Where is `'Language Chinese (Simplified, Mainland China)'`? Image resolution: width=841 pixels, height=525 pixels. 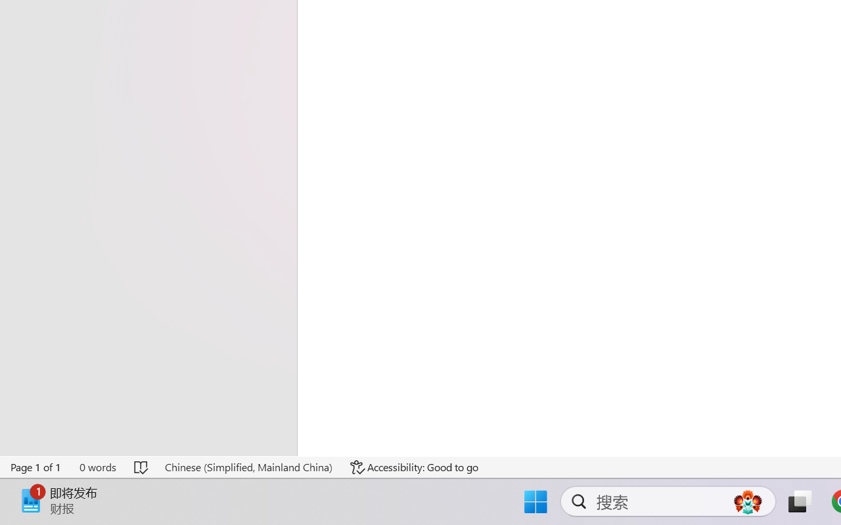
'Language Chinese (Simplified, Mainland China)' is located at coordinates (248, 467).